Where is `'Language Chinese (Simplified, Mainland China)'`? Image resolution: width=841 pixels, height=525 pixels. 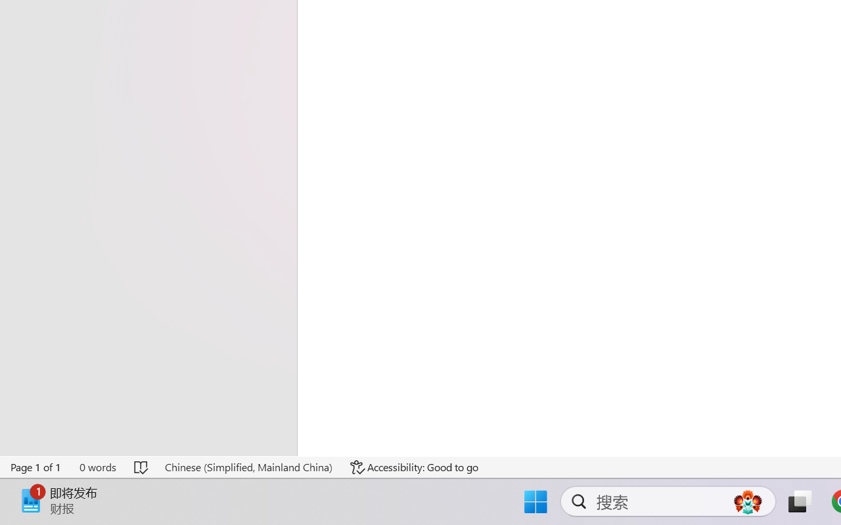
'Language Chinese (Simplified, Mainland China)' is located at coordinates (248, 467).